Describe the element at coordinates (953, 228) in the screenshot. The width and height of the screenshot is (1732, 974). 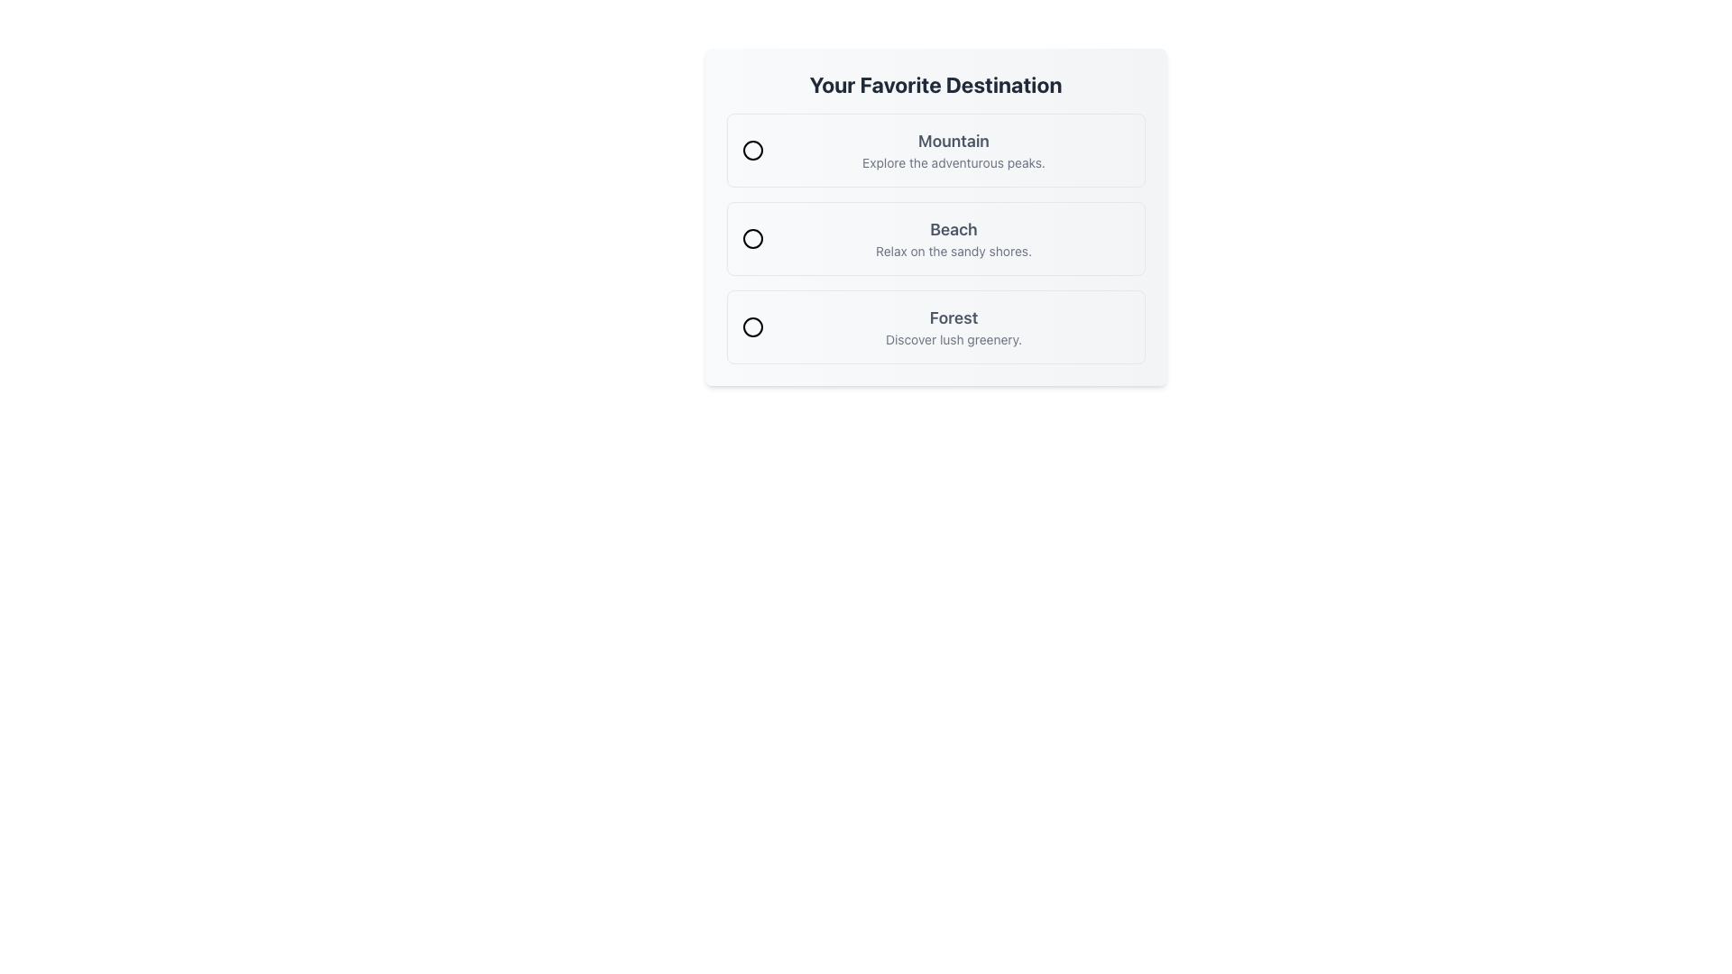
I see `text label that says 'Beach', which is prominently displayed in bold gray font and aligned horizontally, positioned above the descriptive text in a vertical layout` at that location.